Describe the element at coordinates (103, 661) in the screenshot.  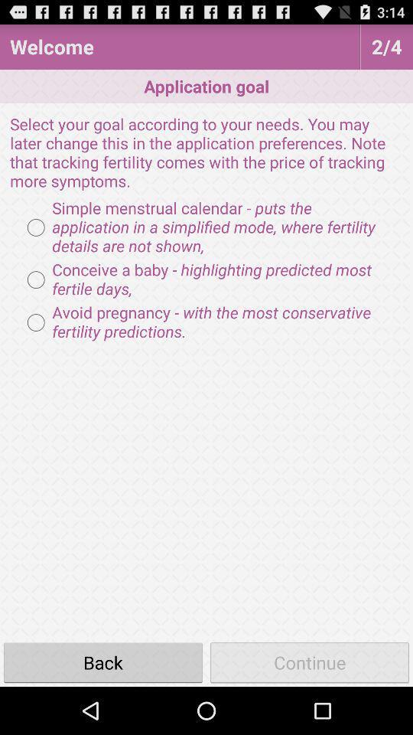
I see `icon below the avoid pregnancy with` at that location.